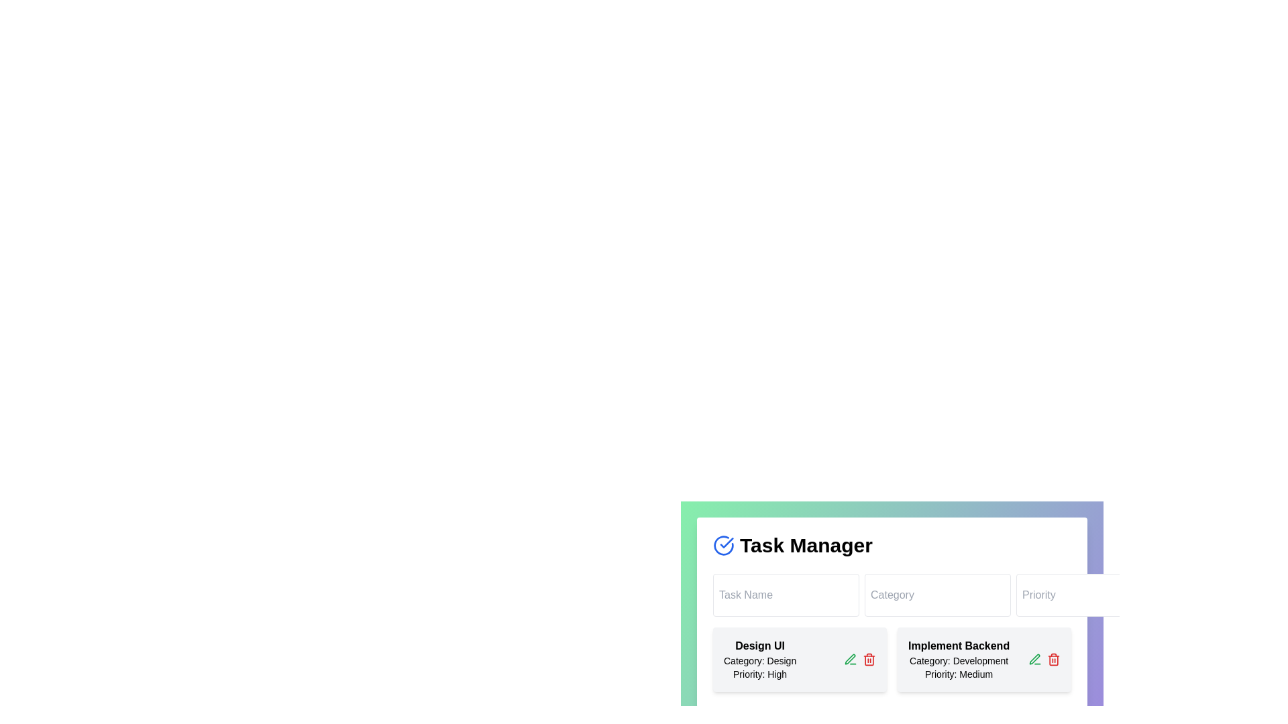 The image size is (1288, 724). I want to click on the static text label displaying the title of a task, which is located at the top-left corner of the task card in the Task Manager interface, so click(760, 646).